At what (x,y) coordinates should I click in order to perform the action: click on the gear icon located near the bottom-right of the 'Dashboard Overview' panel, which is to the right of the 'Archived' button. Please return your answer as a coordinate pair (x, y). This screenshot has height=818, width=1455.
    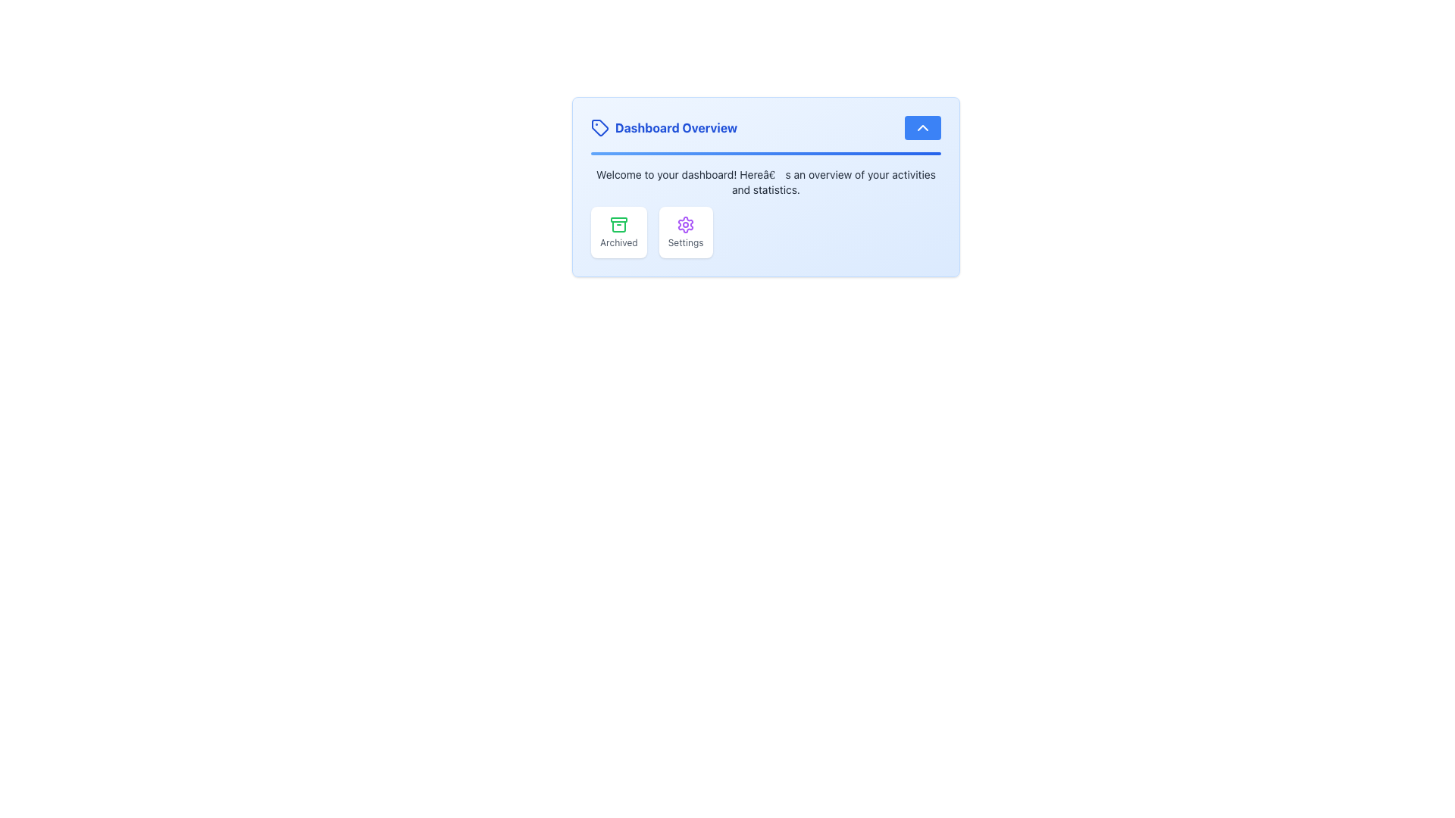
    Looking at the image, I should click on (685, 225).